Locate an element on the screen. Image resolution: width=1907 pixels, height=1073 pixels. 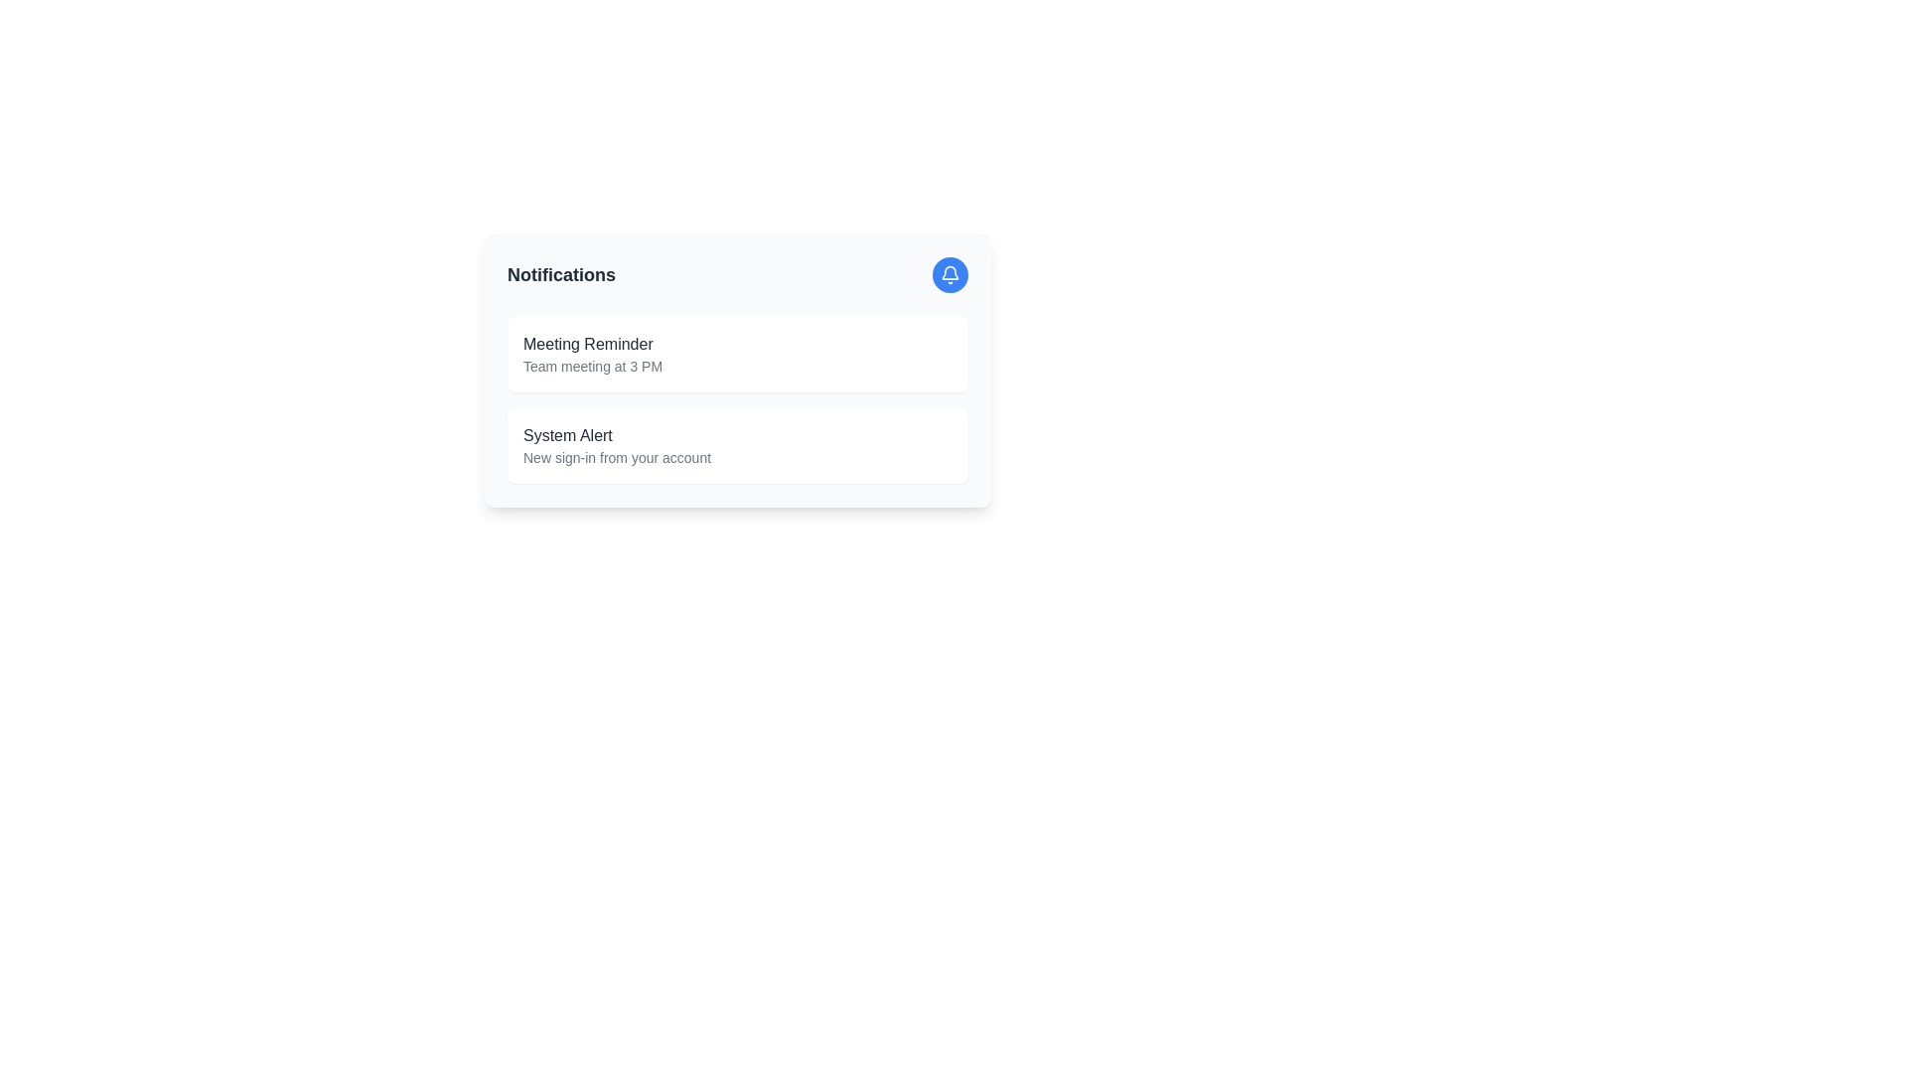
the bell-shaped notification icon, which is white on a circular blue background, located at the top-right corner of the notification summary interface is located at coordinates (949, 275).